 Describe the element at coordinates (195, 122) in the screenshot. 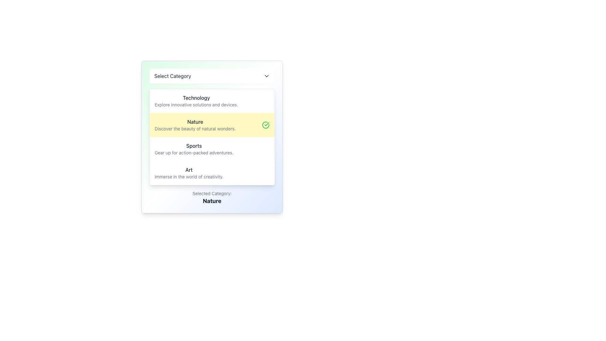

I see `the text label displaying 'Nature' in bold, dark gray font within the dropdown menu under 'Select Category'` at that location.